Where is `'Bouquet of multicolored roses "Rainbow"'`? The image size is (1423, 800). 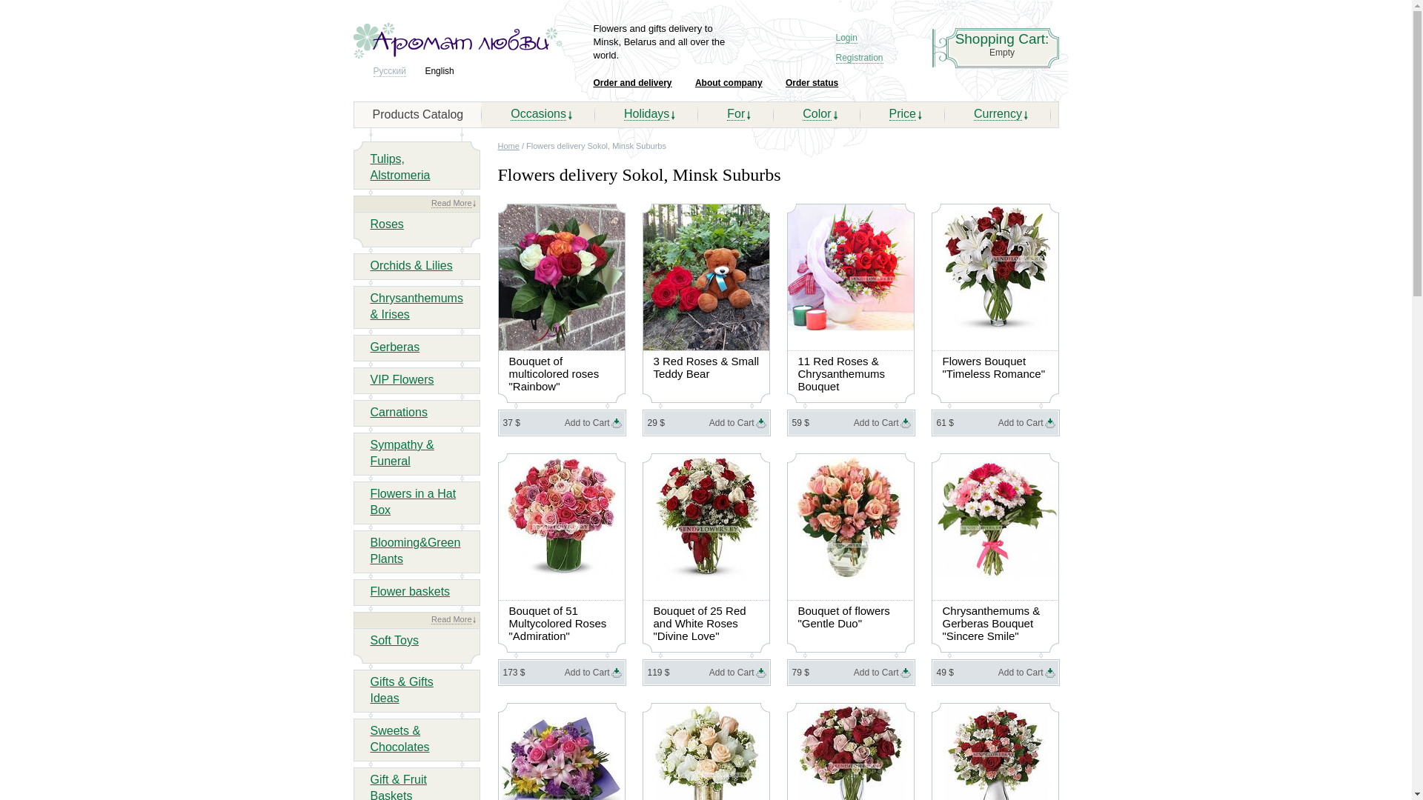 'Bouquet of multicolored roses "Rainbow"' is located at coordinates (561, 370).